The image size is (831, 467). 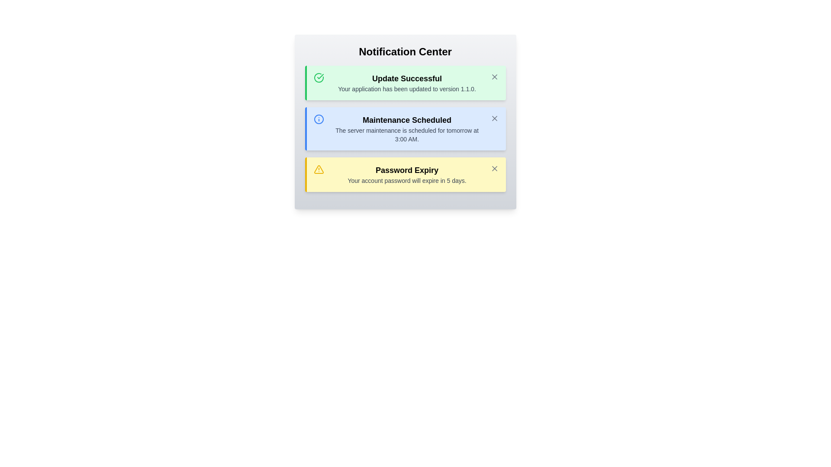 I want to click on the circular blue outlined icon with a small dot at the top, located in the second notification card of the Notification Center, so click(x=318, y=119).